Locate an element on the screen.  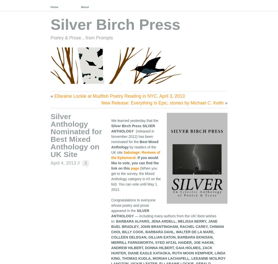
'Silver Anthology Nominated for Best Mixed Anthology on UK Site' is located at coordinates (50, 135).